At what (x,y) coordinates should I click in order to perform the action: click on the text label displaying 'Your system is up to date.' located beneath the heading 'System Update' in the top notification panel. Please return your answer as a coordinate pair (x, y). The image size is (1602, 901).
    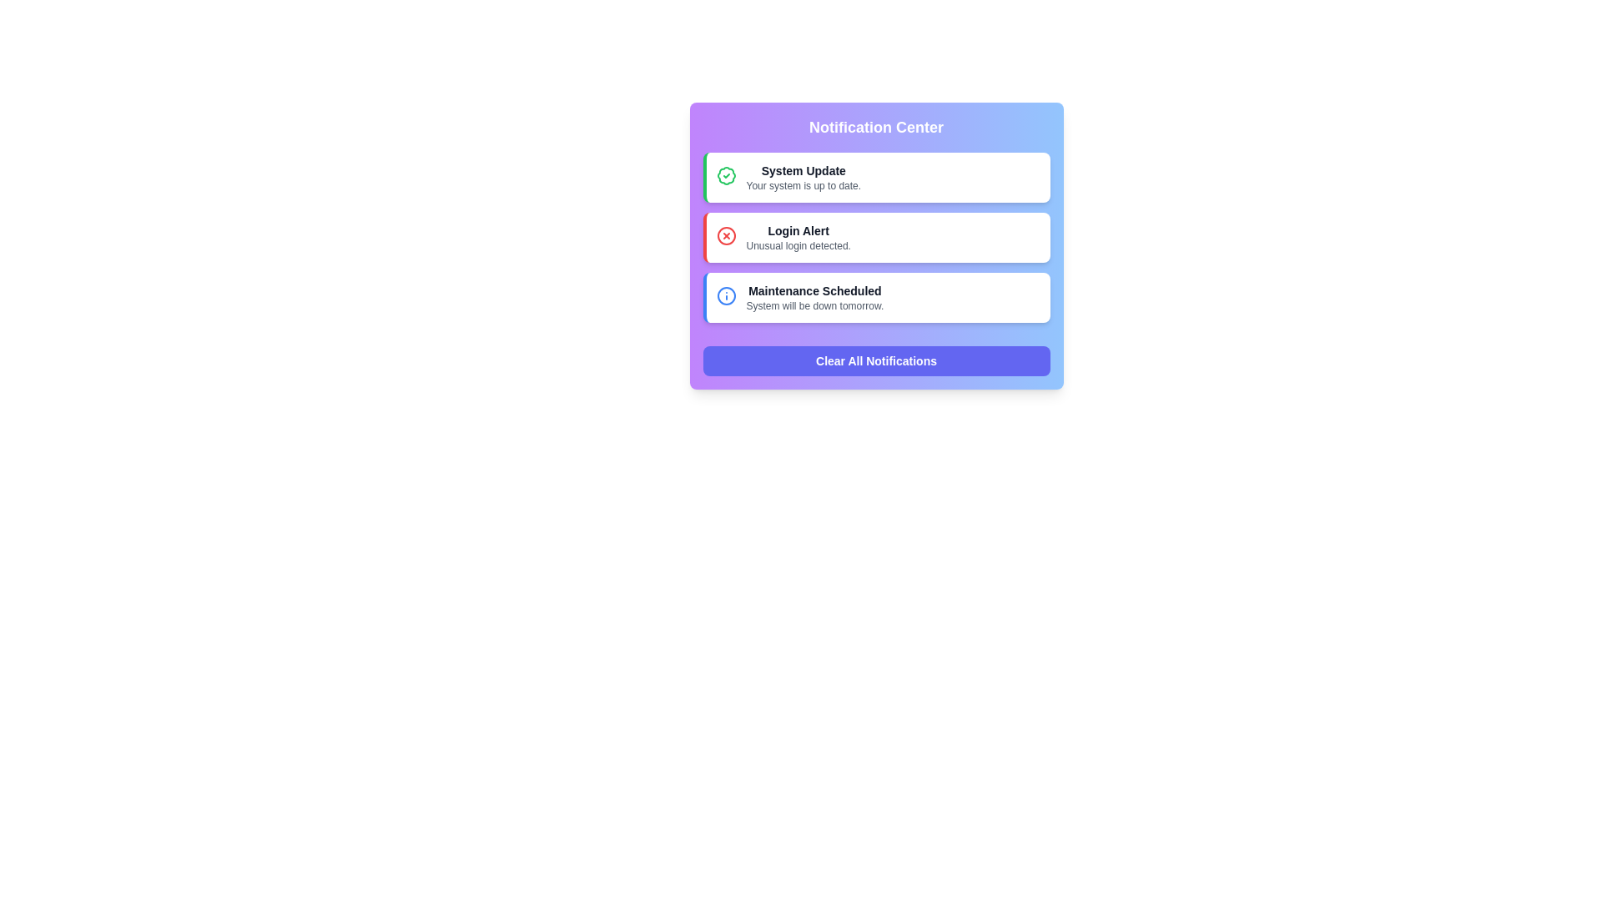
    Looking at the image, I should click on (804, 186).